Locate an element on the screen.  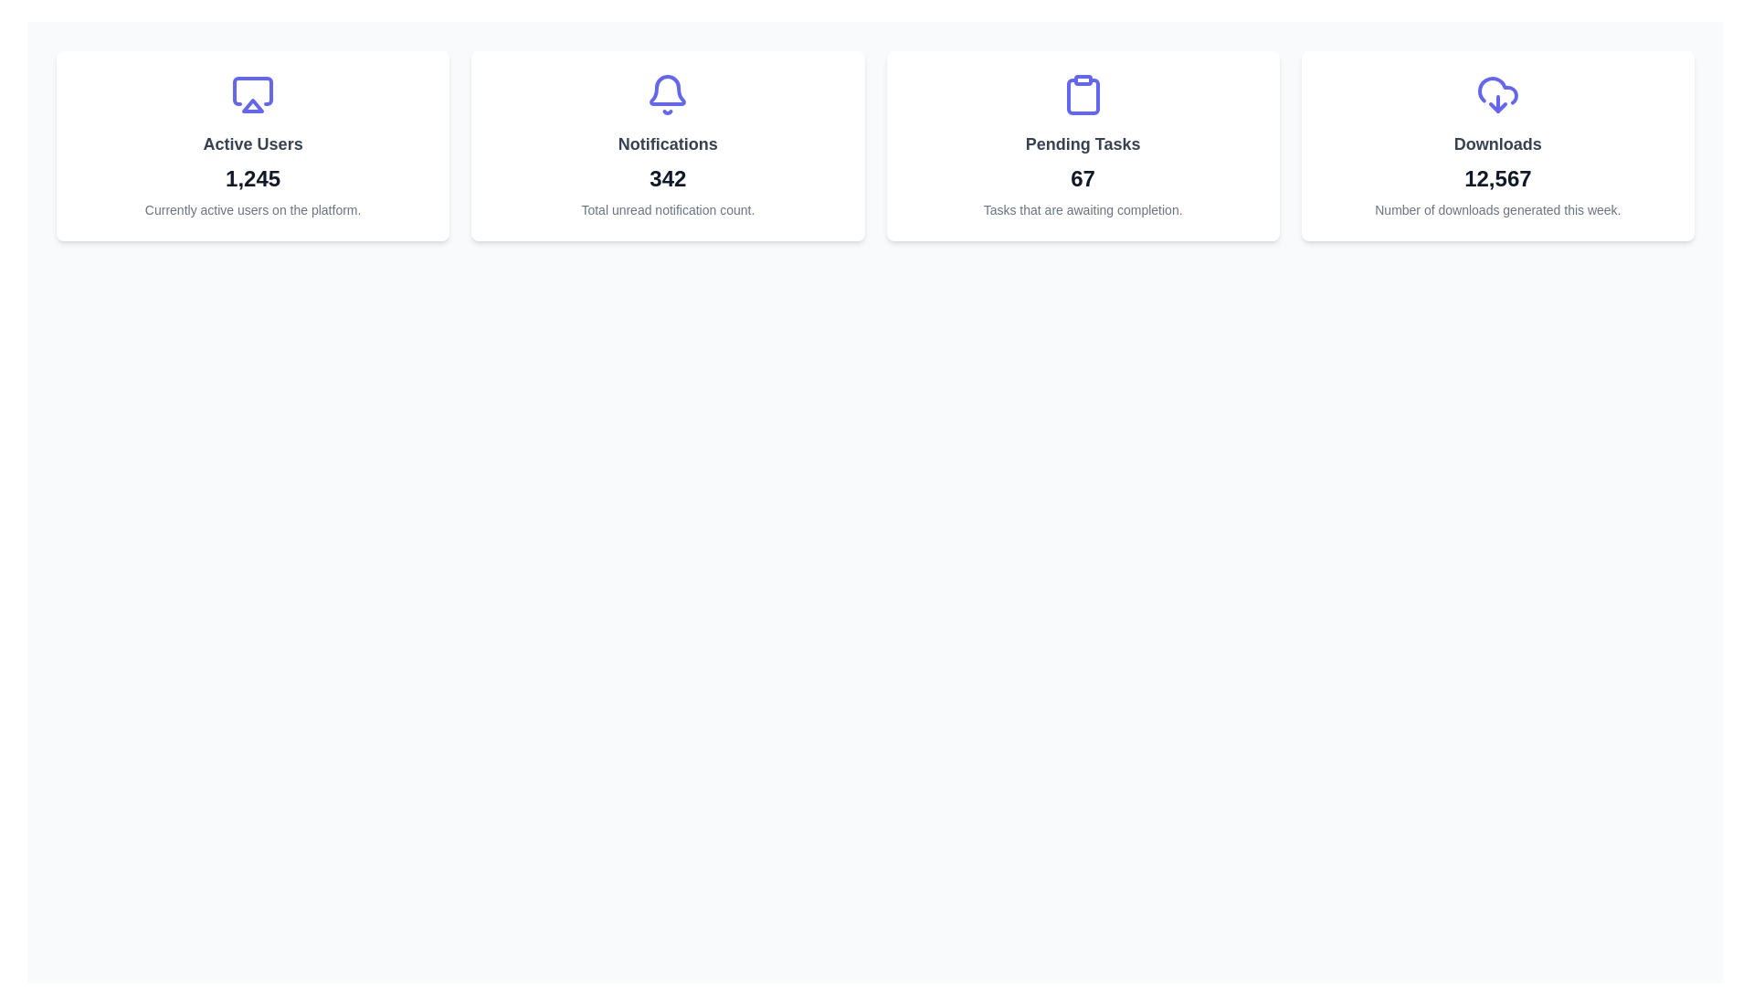
the third informational card in the grid layout to trigger additional visual effects such as shadowing is located at coordinates (1083, 144).